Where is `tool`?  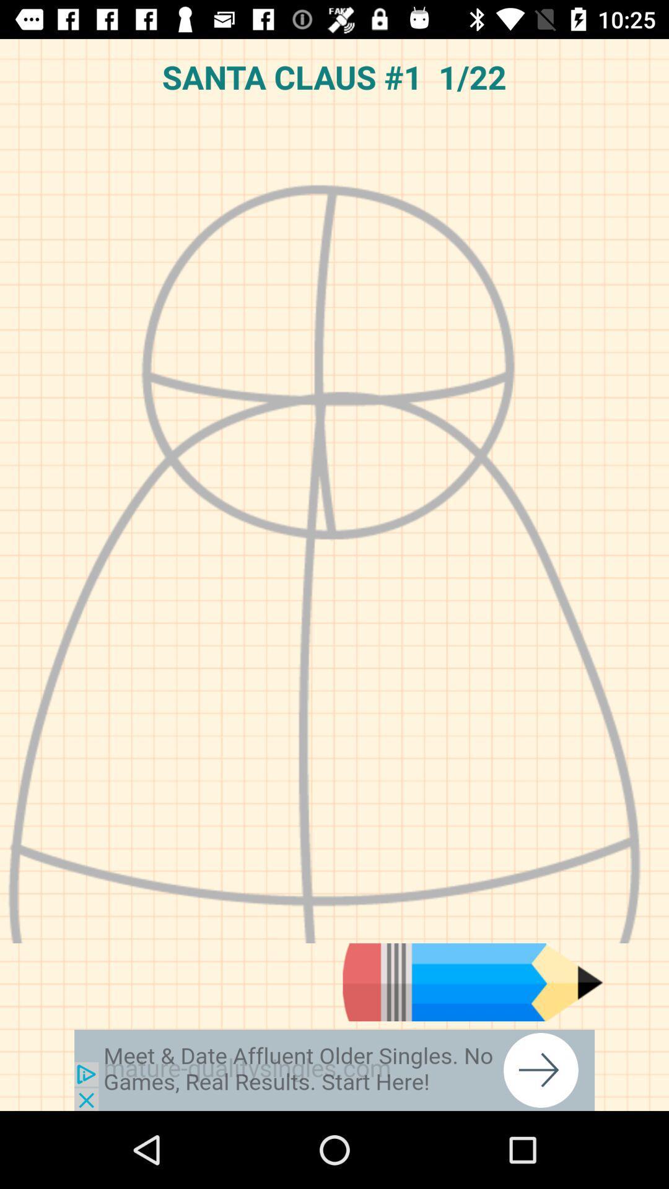 tool is located at coordinates (473, 982).